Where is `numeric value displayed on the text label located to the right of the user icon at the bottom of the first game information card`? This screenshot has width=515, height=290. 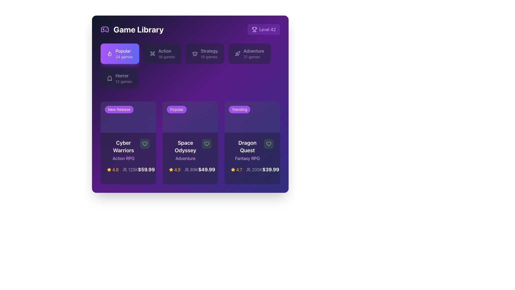 numeric value displayed on the text label located to the right of the user icon at the bottom of the first game information card is located at coordinates (133, 170).